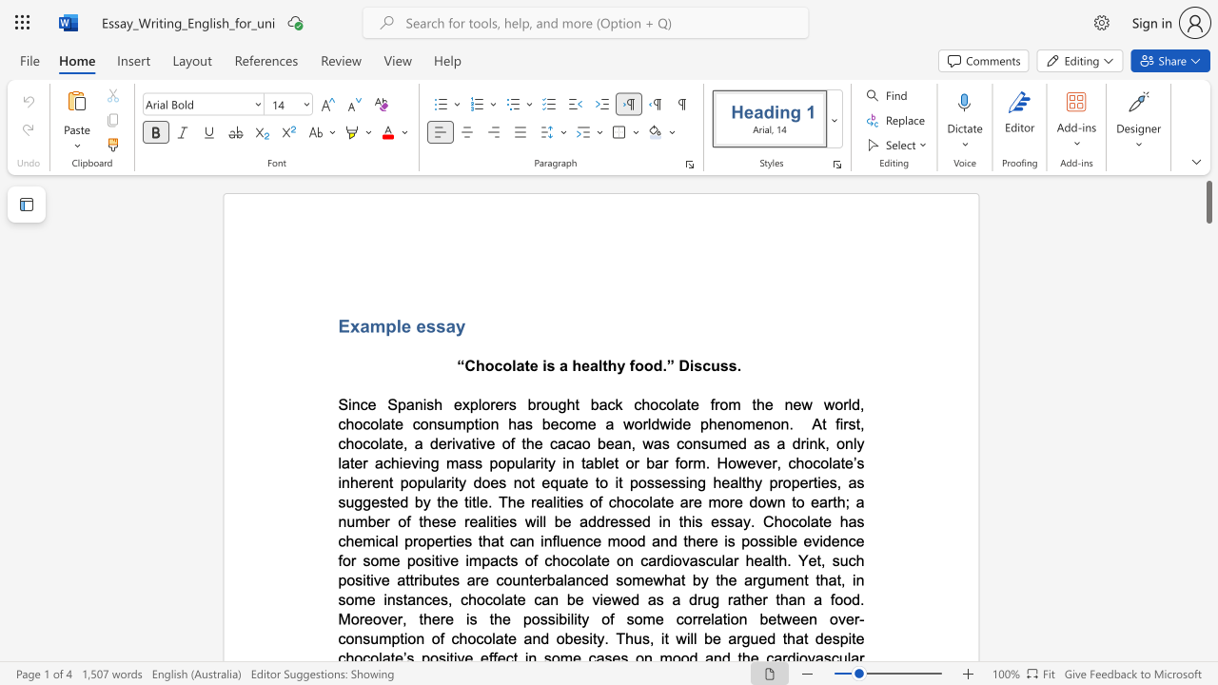 Image resolution: width=1218 pixels, height=685 pixels. What do you see at coordinates (1208, 552) in the screenshot?
I see `the scrollbar to scroll the page down` at bounding box center [1208, 552].